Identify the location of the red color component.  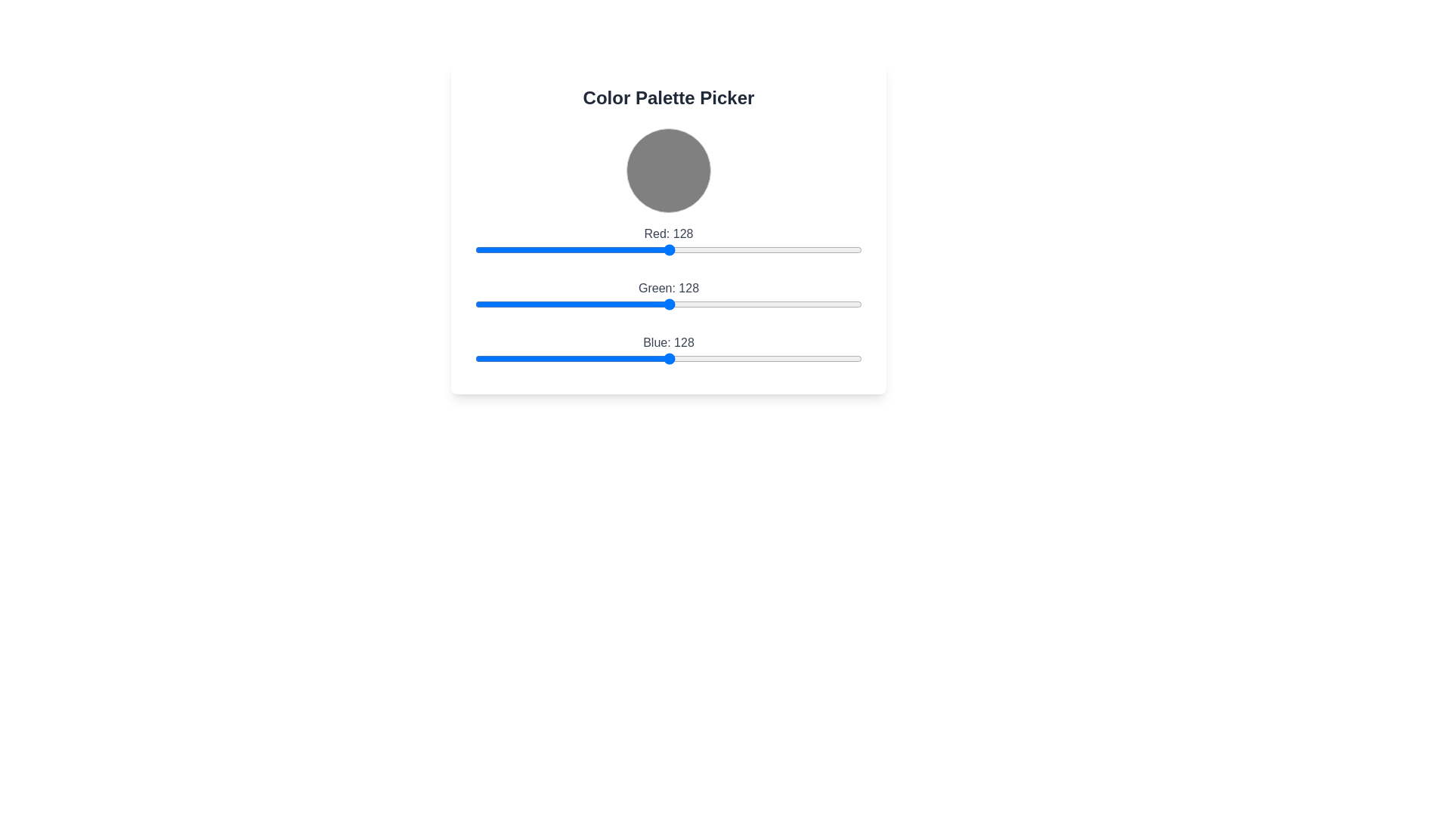
(474, 249).